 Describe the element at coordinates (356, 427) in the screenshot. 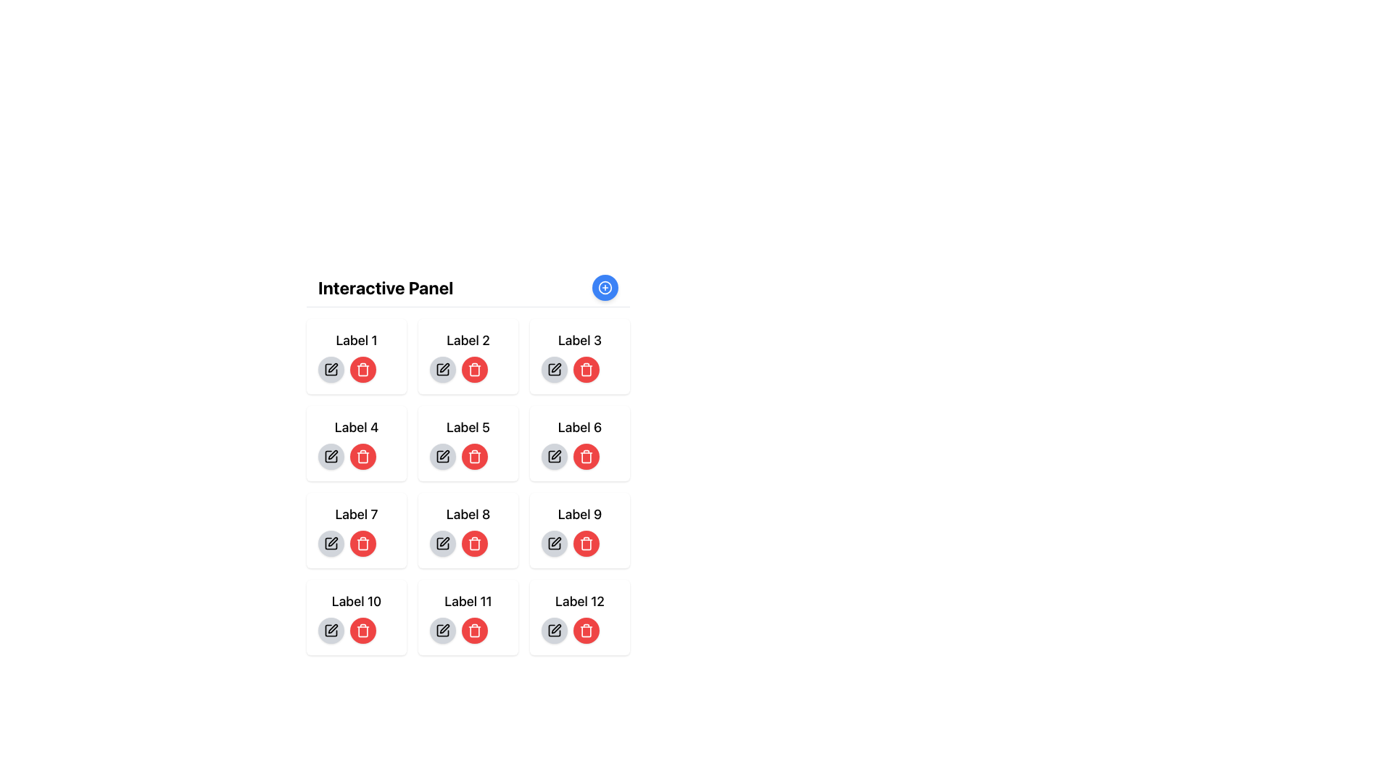

I see `on the text label 'Label 4' which is bold and part of the grid structure, located in the fourth card of the grid layout` at that location.